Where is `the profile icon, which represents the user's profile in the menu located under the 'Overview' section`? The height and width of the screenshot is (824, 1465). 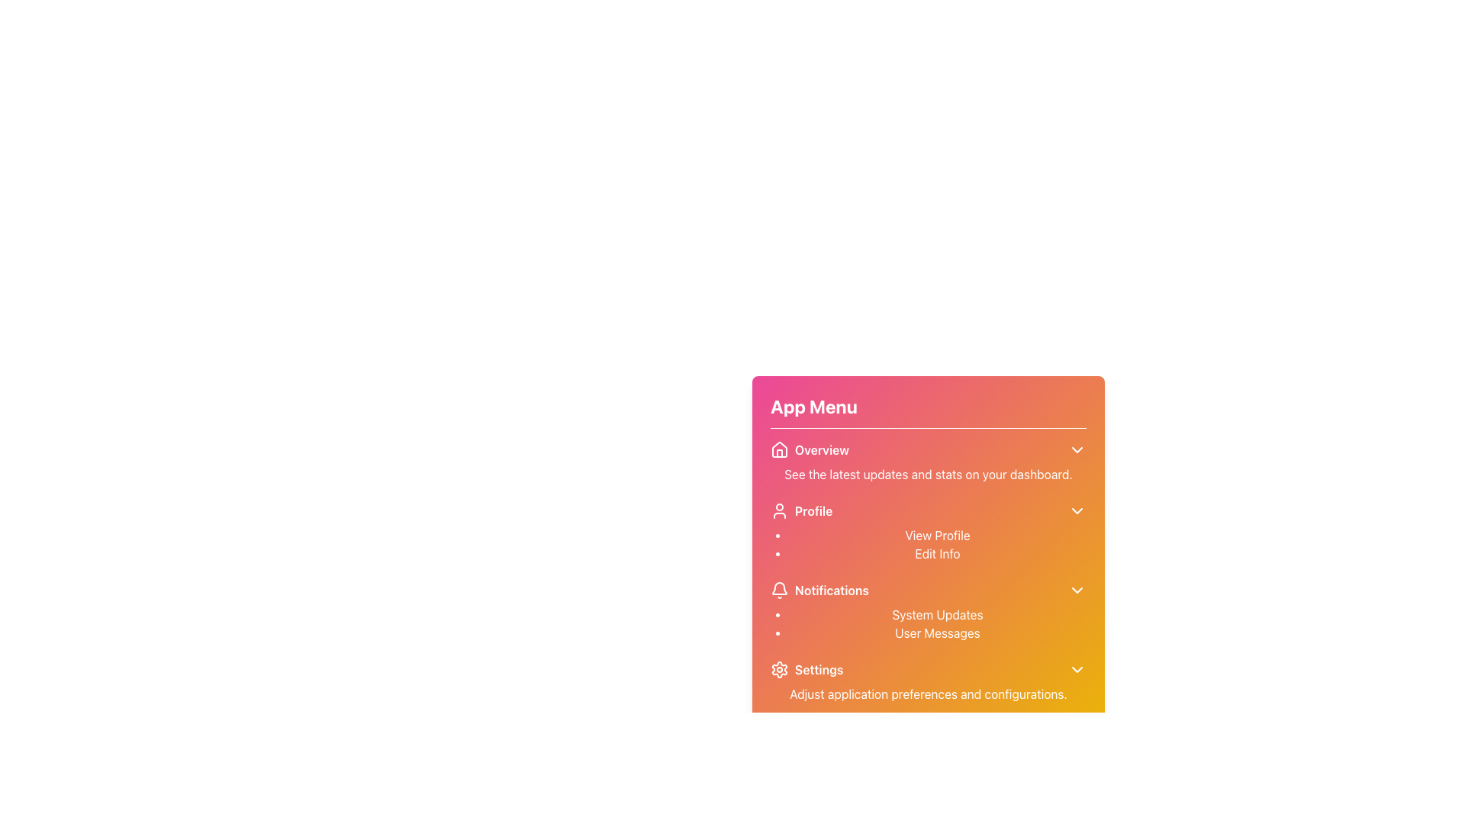 the profile icon, which represents the user's profile in the menu located under the 'Overview' section is located at coordinates (780, 511).